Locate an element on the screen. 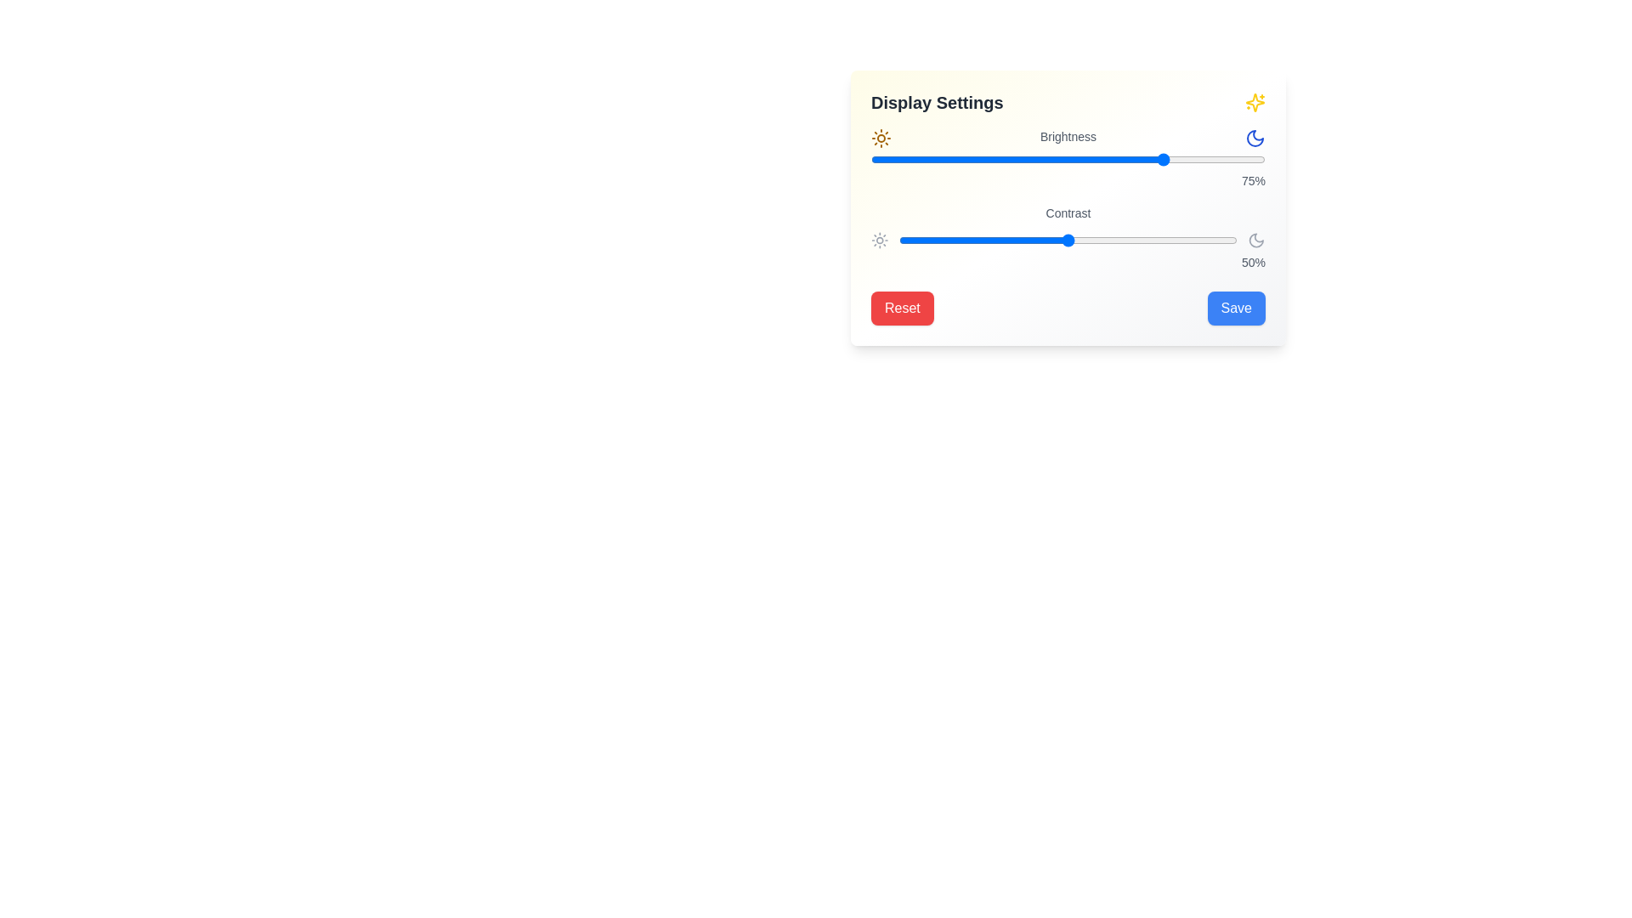 The height and width of the screenshot is (918, 1632). brightness is located at coordinates (1103, 160).